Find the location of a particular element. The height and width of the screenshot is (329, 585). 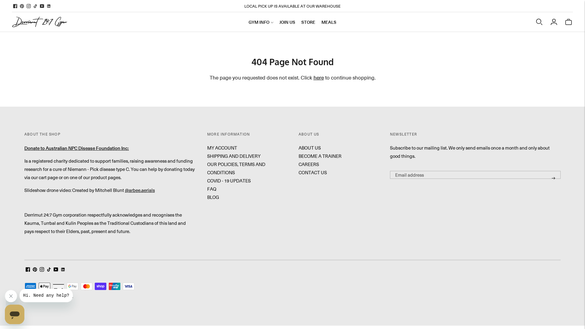

'Derrimut 24:7 Gym on Facebook' is located at coordinates (15, 6).